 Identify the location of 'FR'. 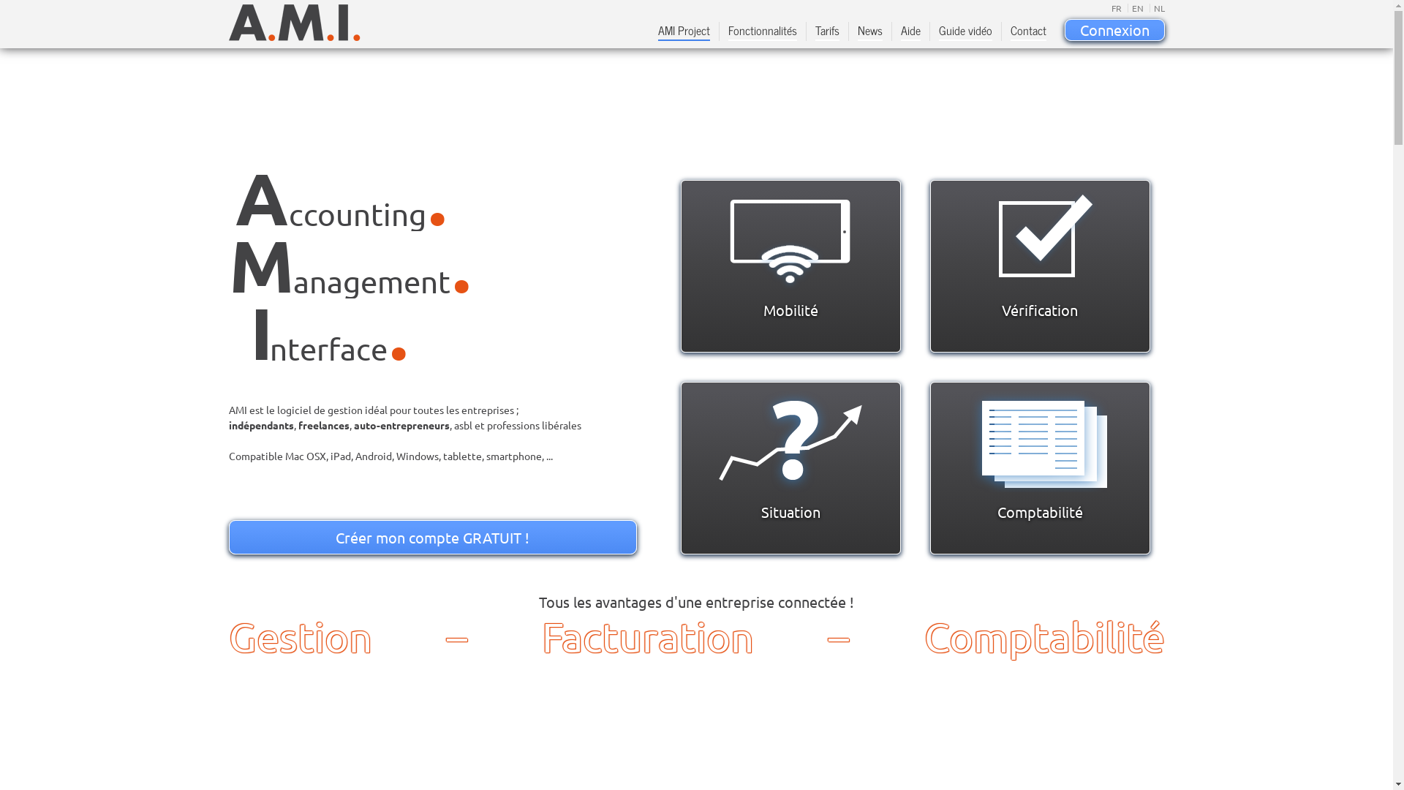
(1111, 8).